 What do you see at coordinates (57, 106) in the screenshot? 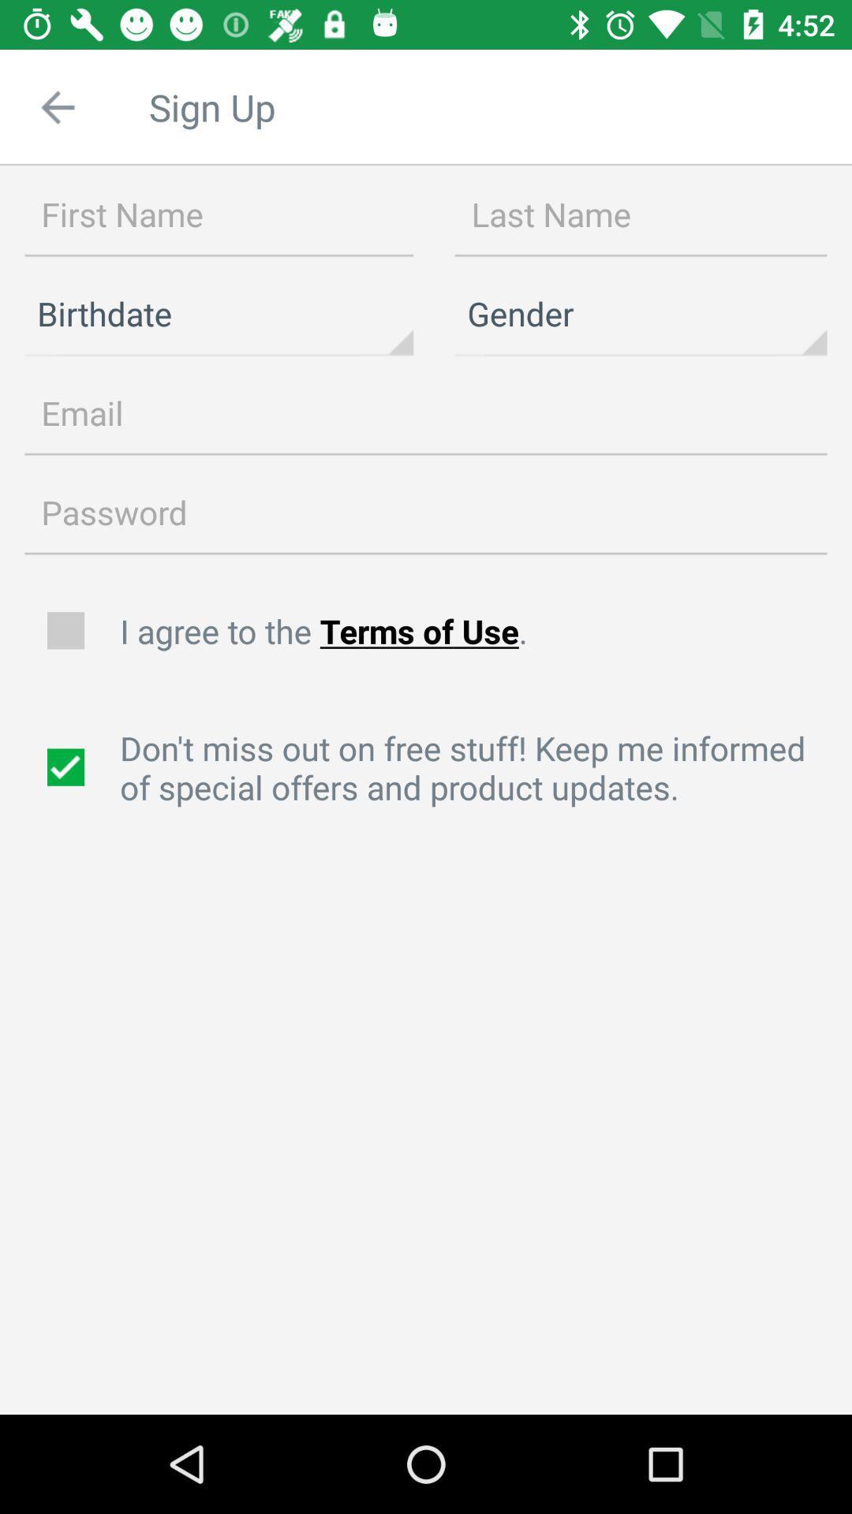
I see `icon to the left of sign up item` at bounding box center [57, 106].